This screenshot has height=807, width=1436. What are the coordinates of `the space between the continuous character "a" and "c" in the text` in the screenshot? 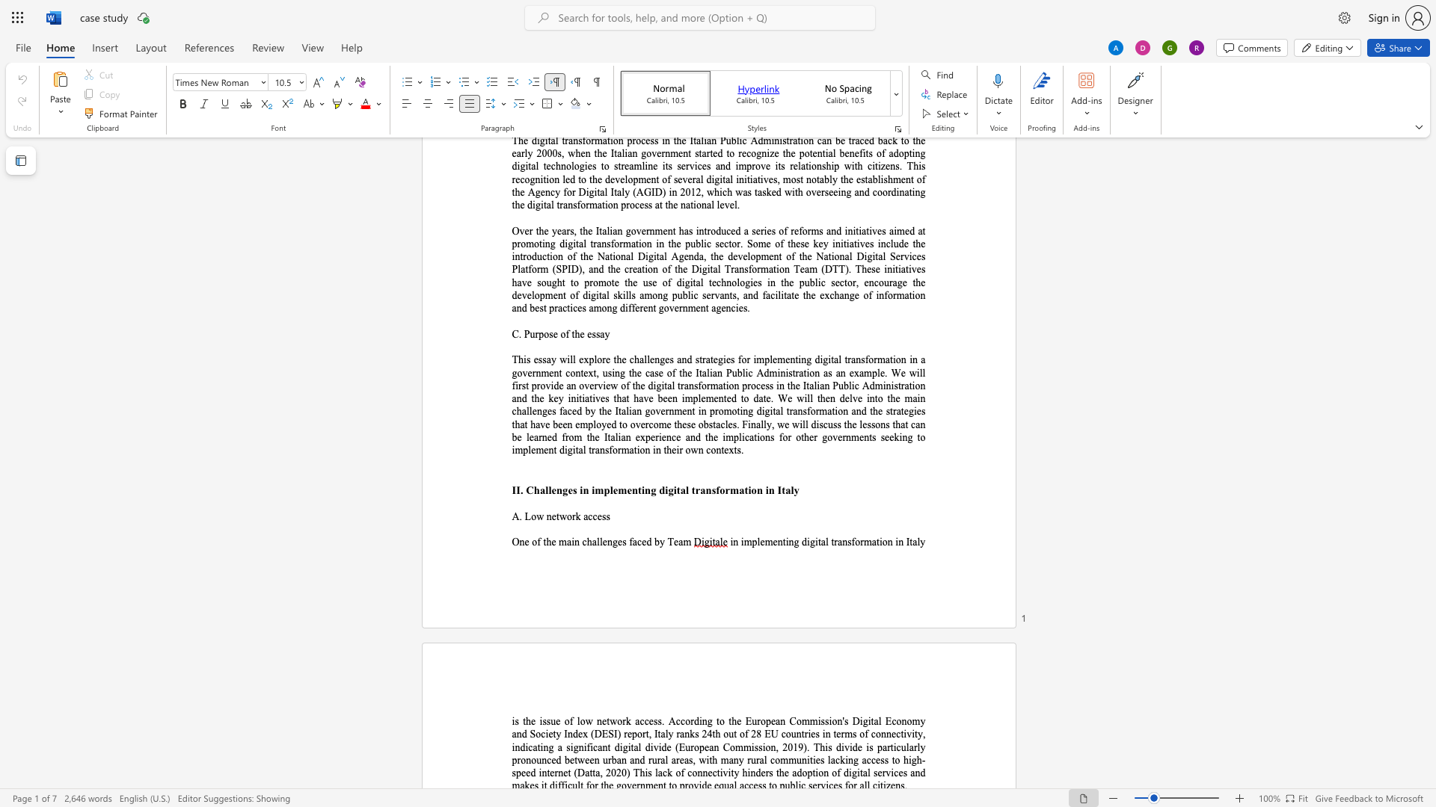 It's located at (587, 516).